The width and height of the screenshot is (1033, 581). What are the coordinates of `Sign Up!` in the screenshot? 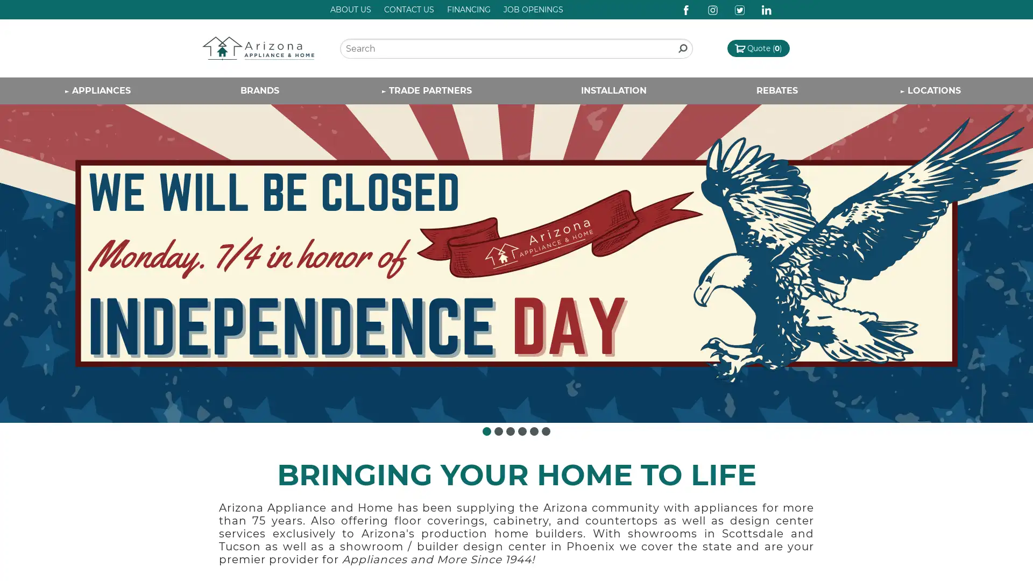 It's located at (516, 359).